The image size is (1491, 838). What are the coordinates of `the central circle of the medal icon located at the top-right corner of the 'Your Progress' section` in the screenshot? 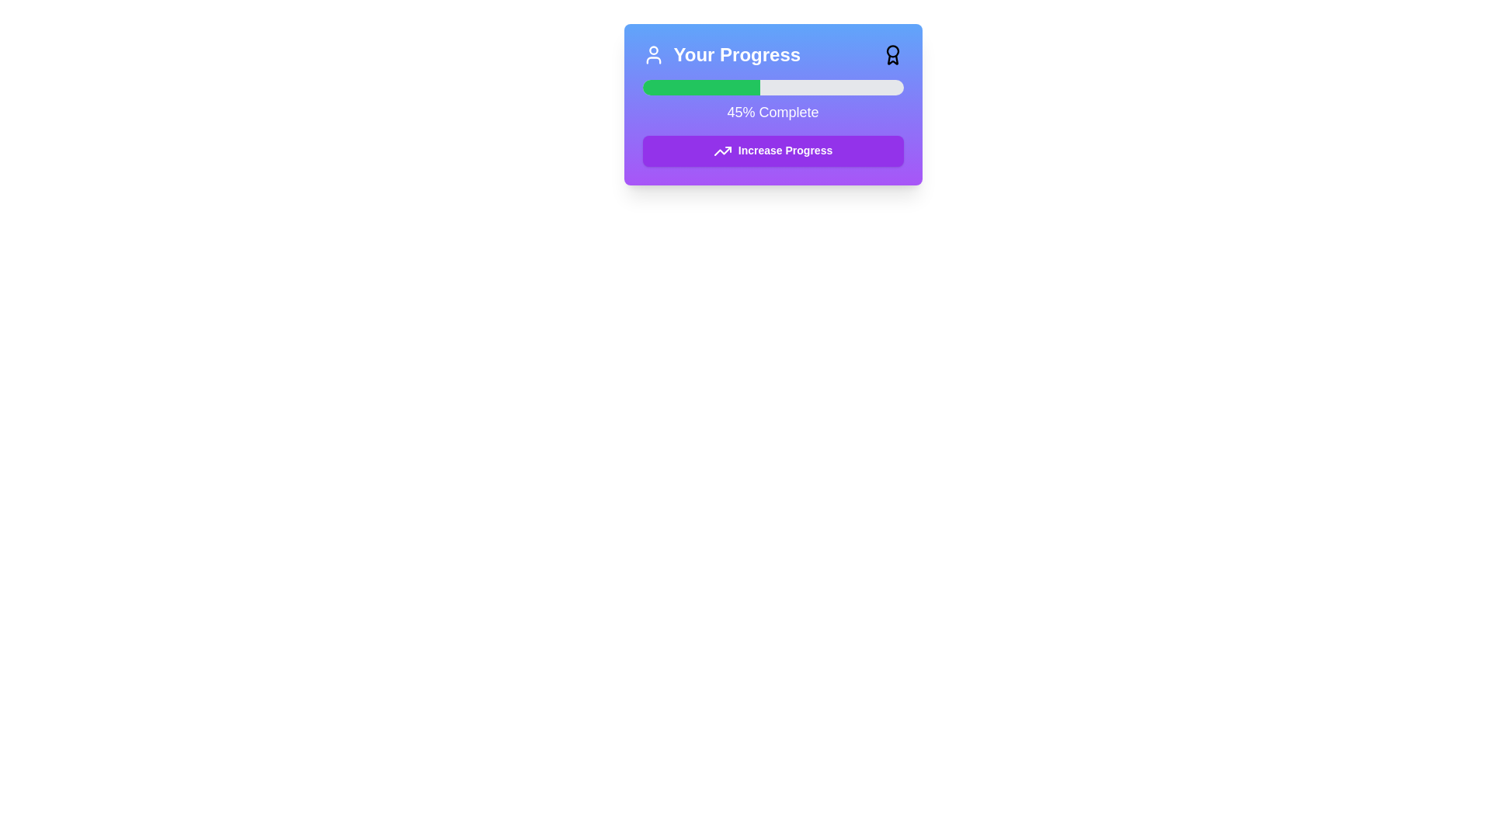 It's located at (892, 50).